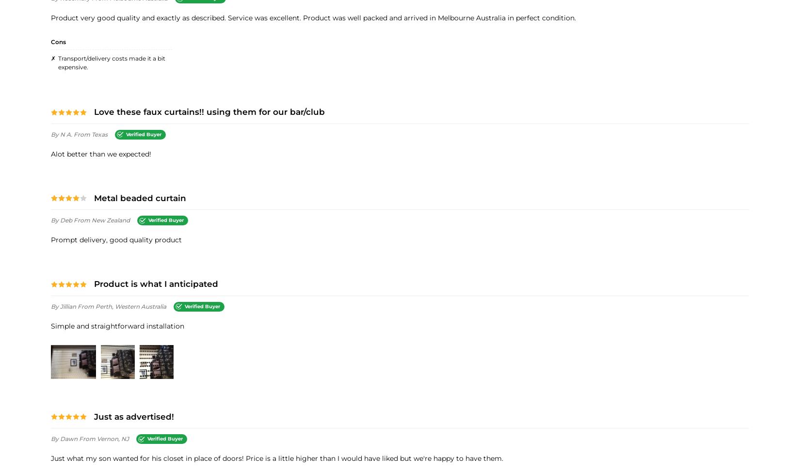 The height and width of the screenshot is (472, 800). What do you see at coordinates (62, 133) in the screenshot?
I see `'By n a.'` at bounding box center [62, 133].